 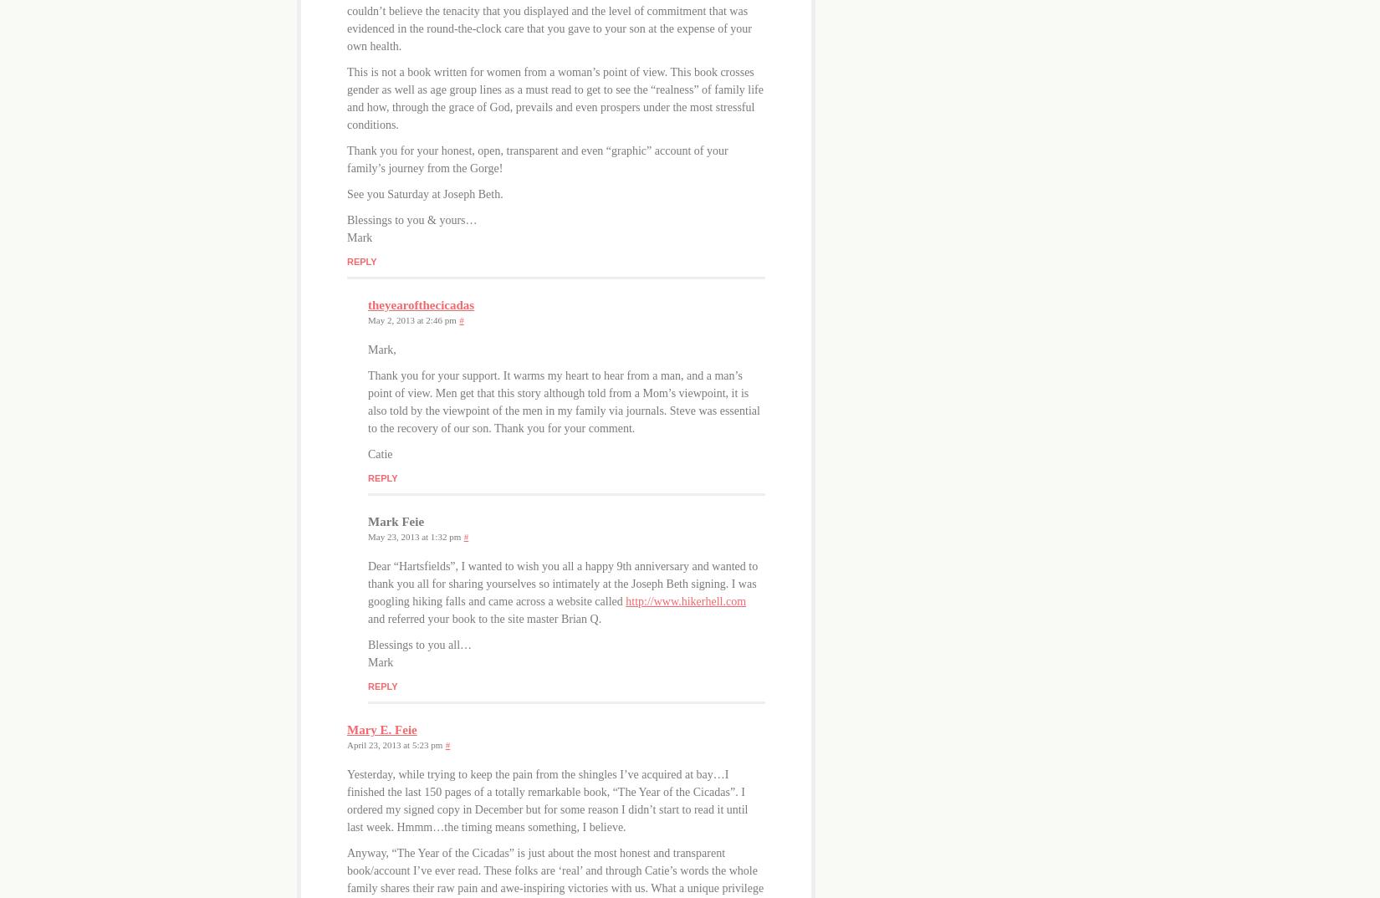 What do you see at coordinates (345, 96) in the screenshot?
I see `'This is not a book written for women from a woman’s point of view.  This book crosses gender as well as age group lines as a must read to get to see the “realness” of family life and how, through the grace of God, prevails and even prospers under the most stressful conditions.'` at bounding box center [345, 96].